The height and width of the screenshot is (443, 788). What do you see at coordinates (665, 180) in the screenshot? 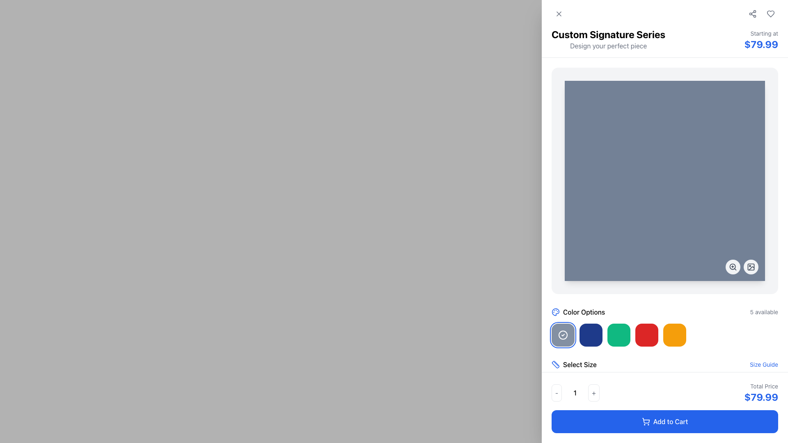
I see `the media display area which is prominently positioned in the right-hand panel above color options and sizing selectors` at bounding box center [665, 180].